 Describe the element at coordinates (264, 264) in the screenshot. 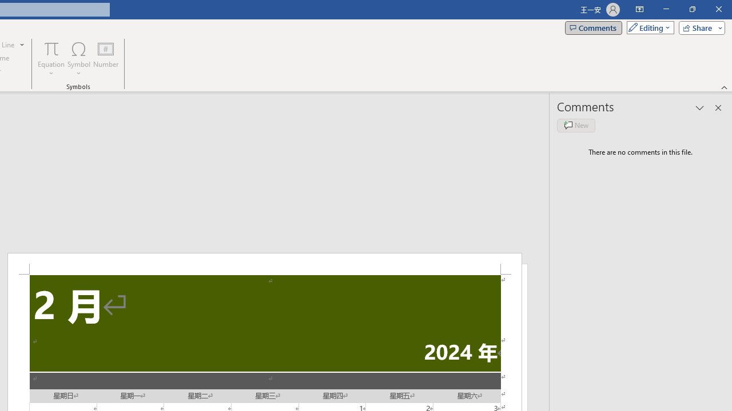

I see `'Header -Section 2-'` at that location.